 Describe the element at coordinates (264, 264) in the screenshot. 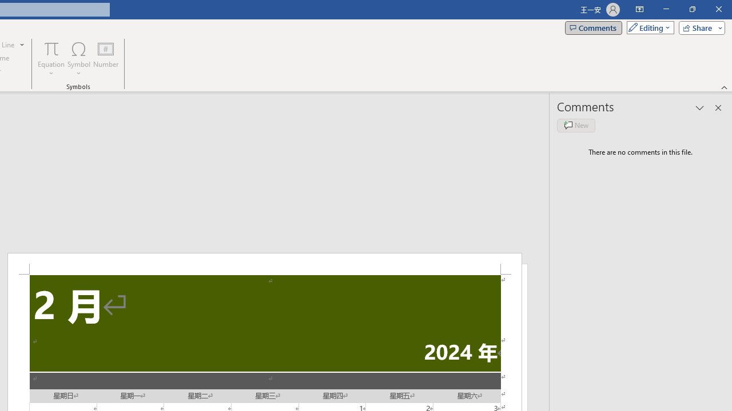

I see `'Header -Section 2-'` at that location.